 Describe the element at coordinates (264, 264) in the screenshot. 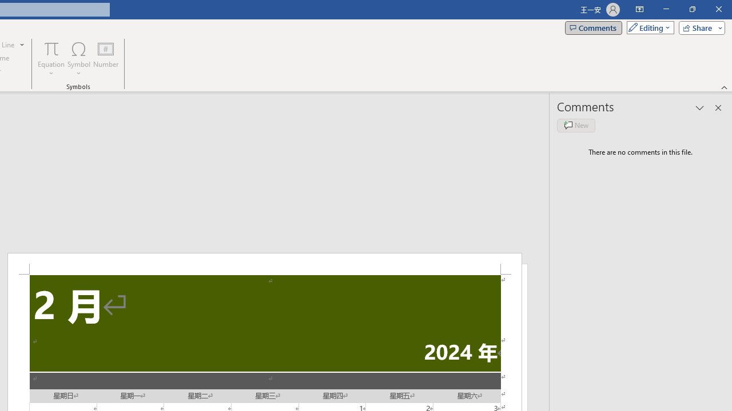

I see `'Header -Section 2-'` at that location.